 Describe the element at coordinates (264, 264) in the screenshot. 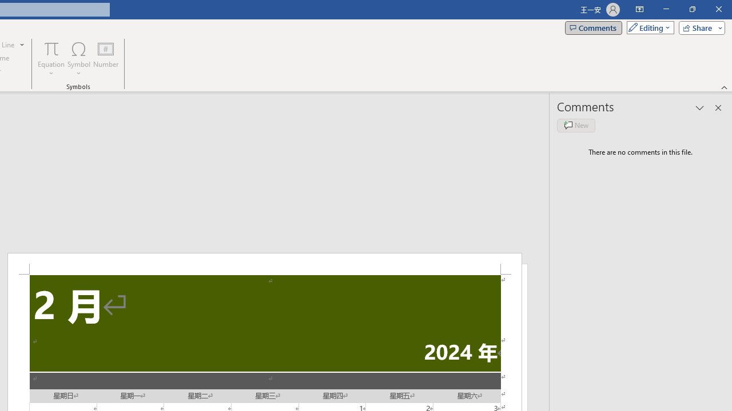

I see `'Header -Section 2-'` at that location.